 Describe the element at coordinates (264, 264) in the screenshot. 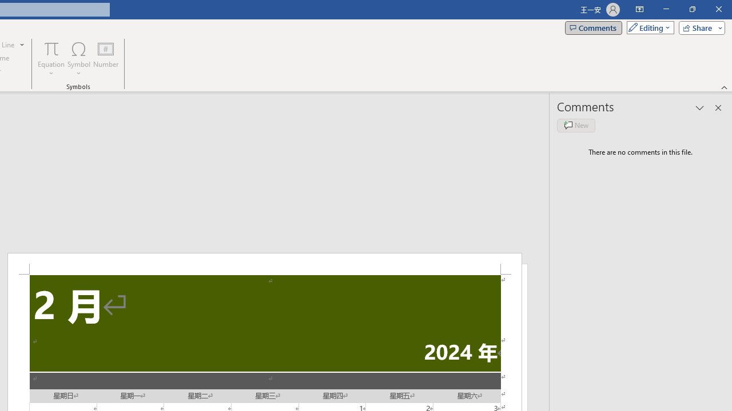

I see `'Header -Section 2-'` at that location.